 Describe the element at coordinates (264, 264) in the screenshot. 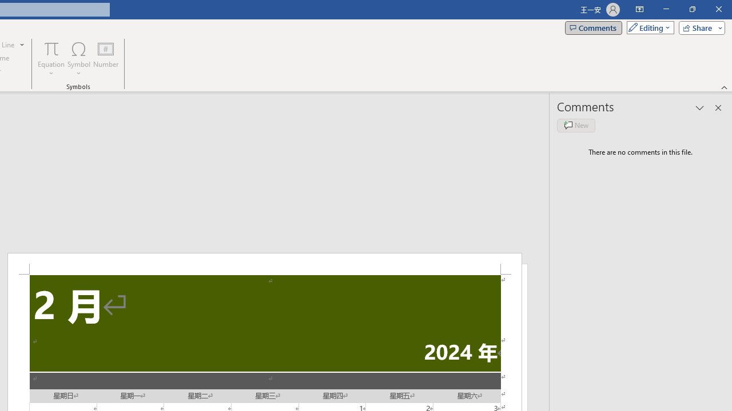

I see `'Header -Section 2-'` at that location.